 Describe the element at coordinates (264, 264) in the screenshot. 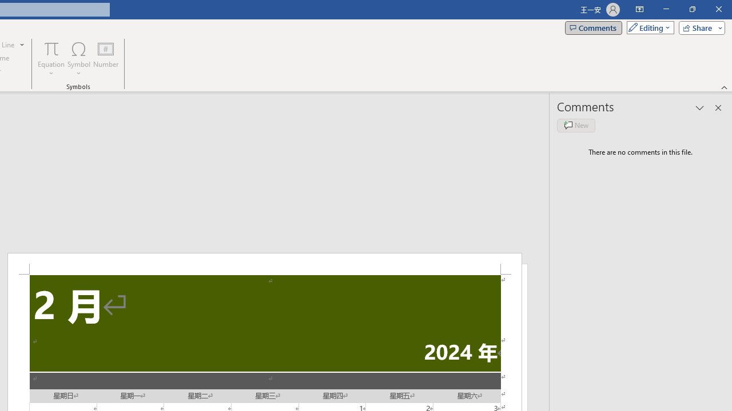

I see `'Header -Section 2-'` at that location.